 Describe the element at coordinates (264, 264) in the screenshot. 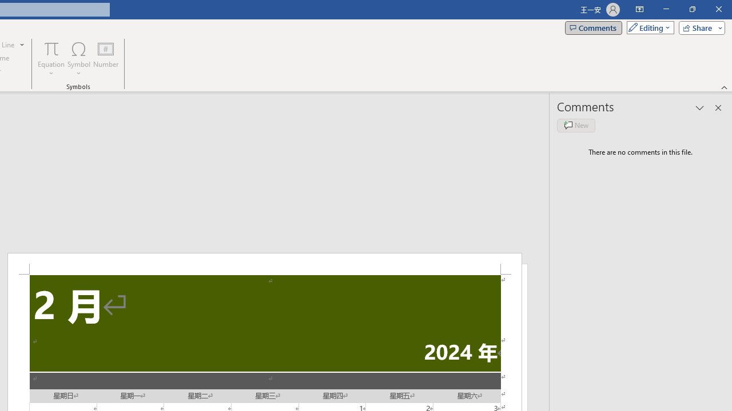

I see `'Header -Section 2-'` at that location.